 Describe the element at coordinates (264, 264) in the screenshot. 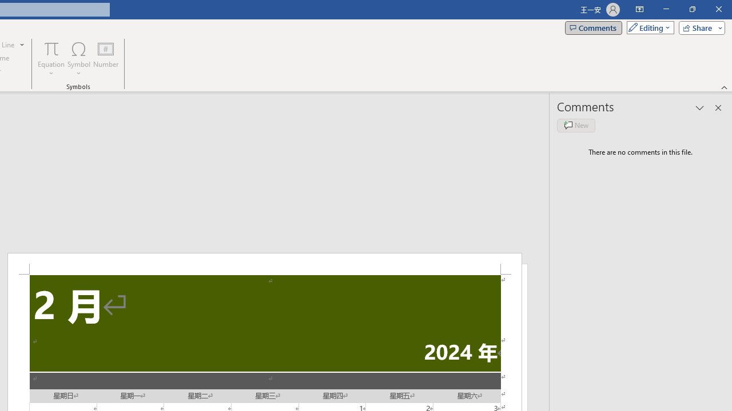

I see `'Header -Section 2-'` at that location.